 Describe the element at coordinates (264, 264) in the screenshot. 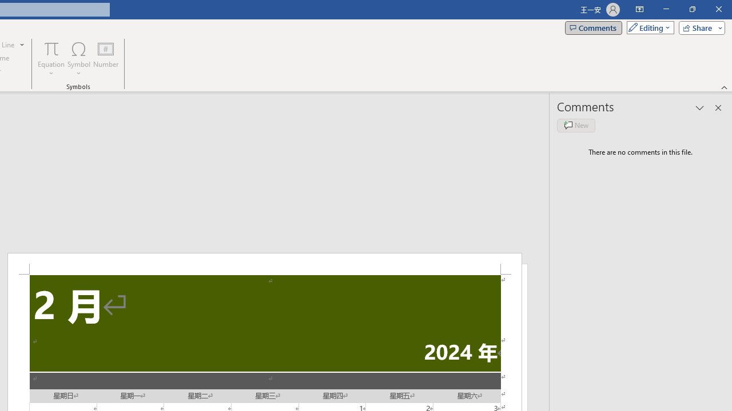

I see `'Header -Section 2-'` at that location.